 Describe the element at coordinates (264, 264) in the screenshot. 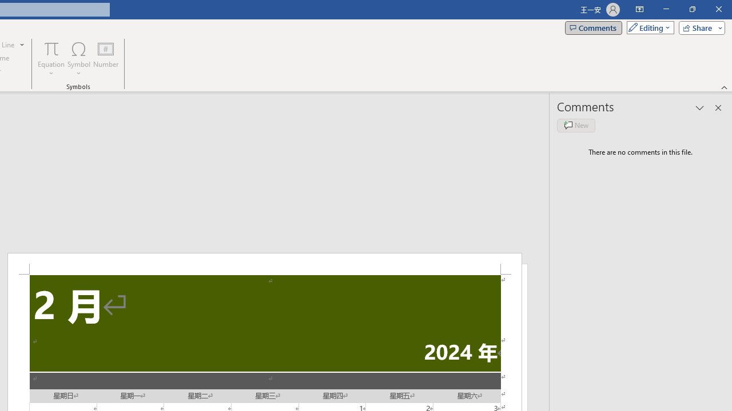

I see `'Header -Section 2-'` at that location.